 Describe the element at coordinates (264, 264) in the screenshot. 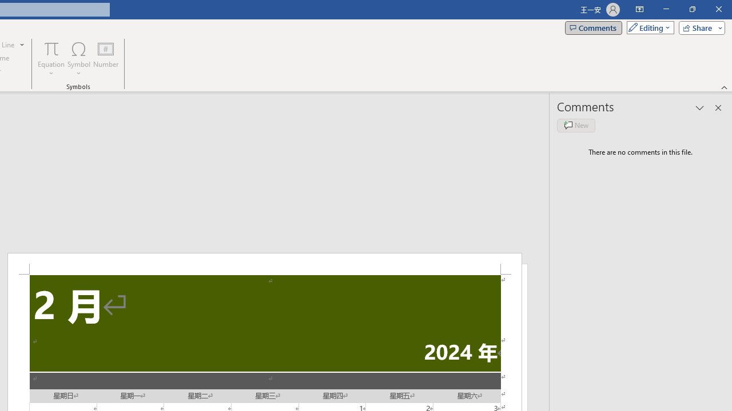

I see `'Header -Section 2-'` at that location.